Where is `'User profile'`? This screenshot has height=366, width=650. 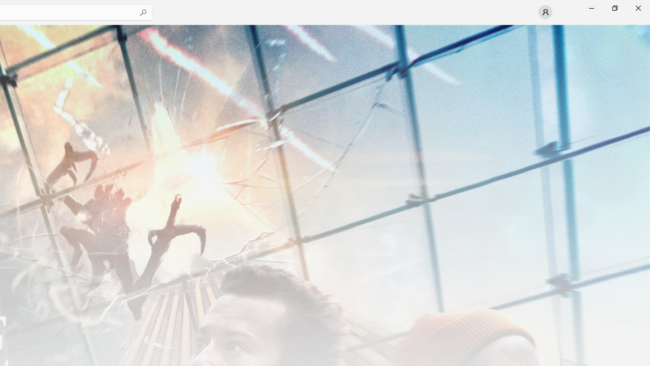 'User profile' is located at coordinates (544, 12).